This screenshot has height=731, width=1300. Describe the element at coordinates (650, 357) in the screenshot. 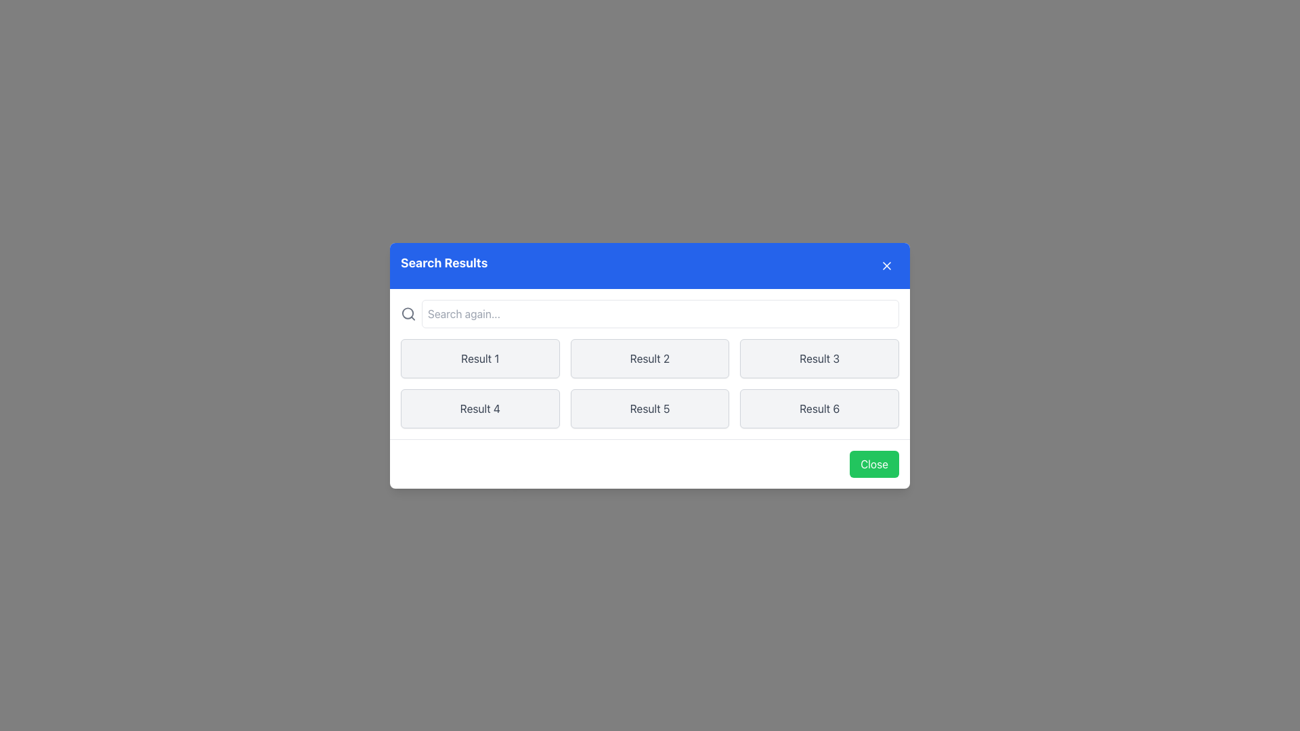

I see `the 'Result 2' button, which is the second button in the grid of results, centered between 'Result 1' and 'Result 3', featuring a light gray background and dark gray text` at that location.